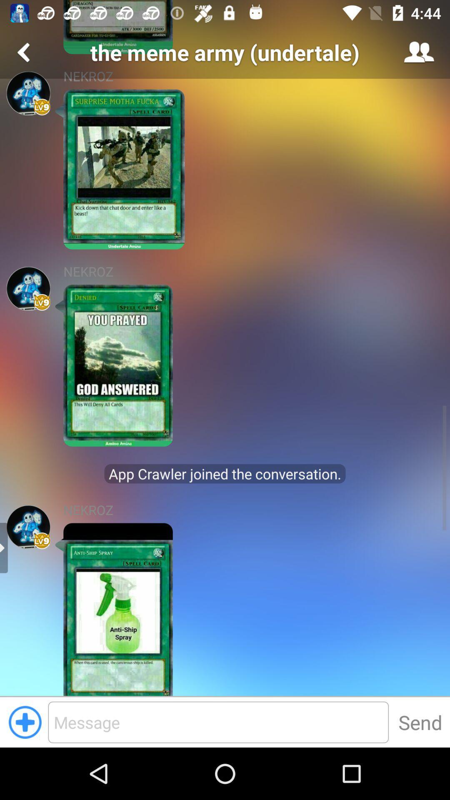 The width and height of the screenshot is (450, 800). Describe the element at coordinates (218, 722) in the screenshot. I see `message text field at the bottom of the page` at that location.